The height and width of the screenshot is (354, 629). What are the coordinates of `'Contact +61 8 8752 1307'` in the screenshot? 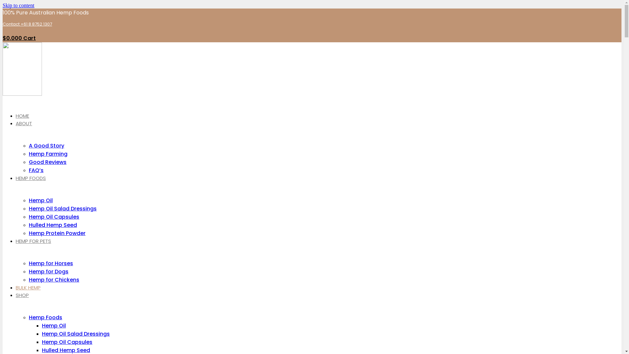 It's located at (3, 24).